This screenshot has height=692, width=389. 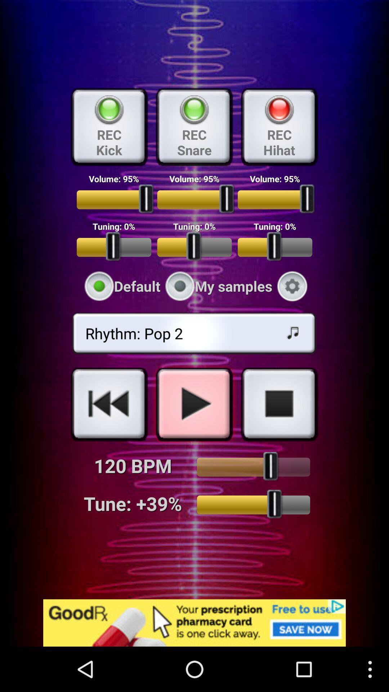 I want to click on this button is used to stop the audio when playing, so click(x=279, y=404).